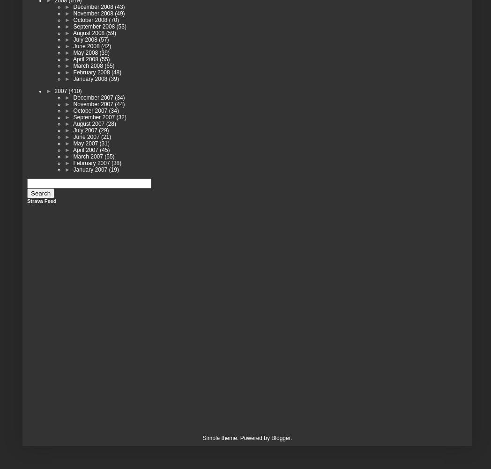 The image size is (491, 469). Describe the element at coordinates (116, 162) in the screenshot. I see `'(38)'` at that location.